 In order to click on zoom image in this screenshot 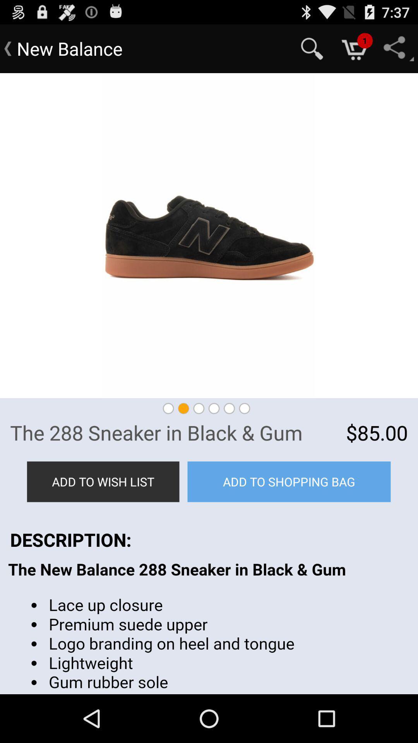, I will do `click(209, 235)`.